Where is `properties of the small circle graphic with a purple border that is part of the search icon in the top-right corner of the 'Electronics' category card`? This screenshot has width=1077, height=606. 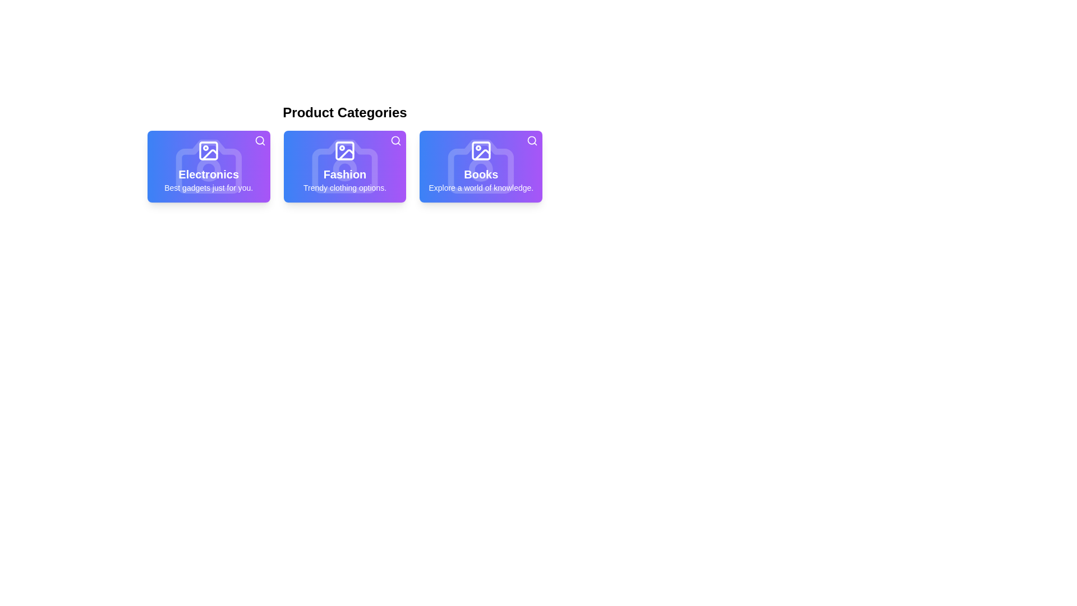
properties of the small circle graphic with a purple border that is part of the search icon in the top-right corner of the 'Electronics' category card is located at coordinates (259, 140).